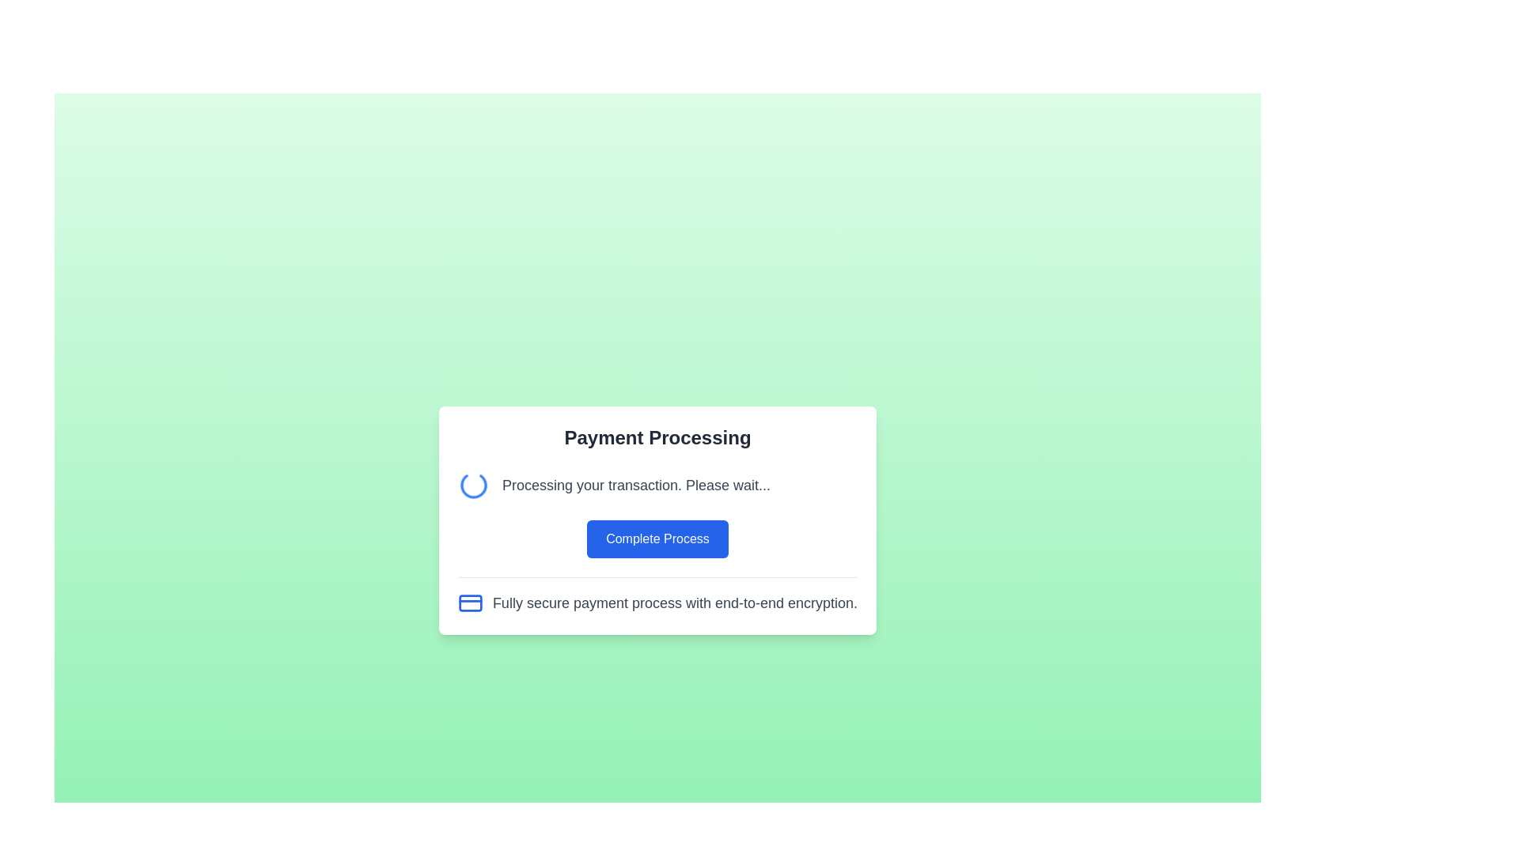 This screenshot has width=1519, height=854. What do you see at coordinates (472, 484) in the screenshot?
I see `the Loader Segment, which is a visual indicator for a process in progress, located in the top-left portion of a modal dialog box above the text 'Processing your transaction. Please wait...' and to the left of the 'Complete Process' button` at bounding box center [472, 484].